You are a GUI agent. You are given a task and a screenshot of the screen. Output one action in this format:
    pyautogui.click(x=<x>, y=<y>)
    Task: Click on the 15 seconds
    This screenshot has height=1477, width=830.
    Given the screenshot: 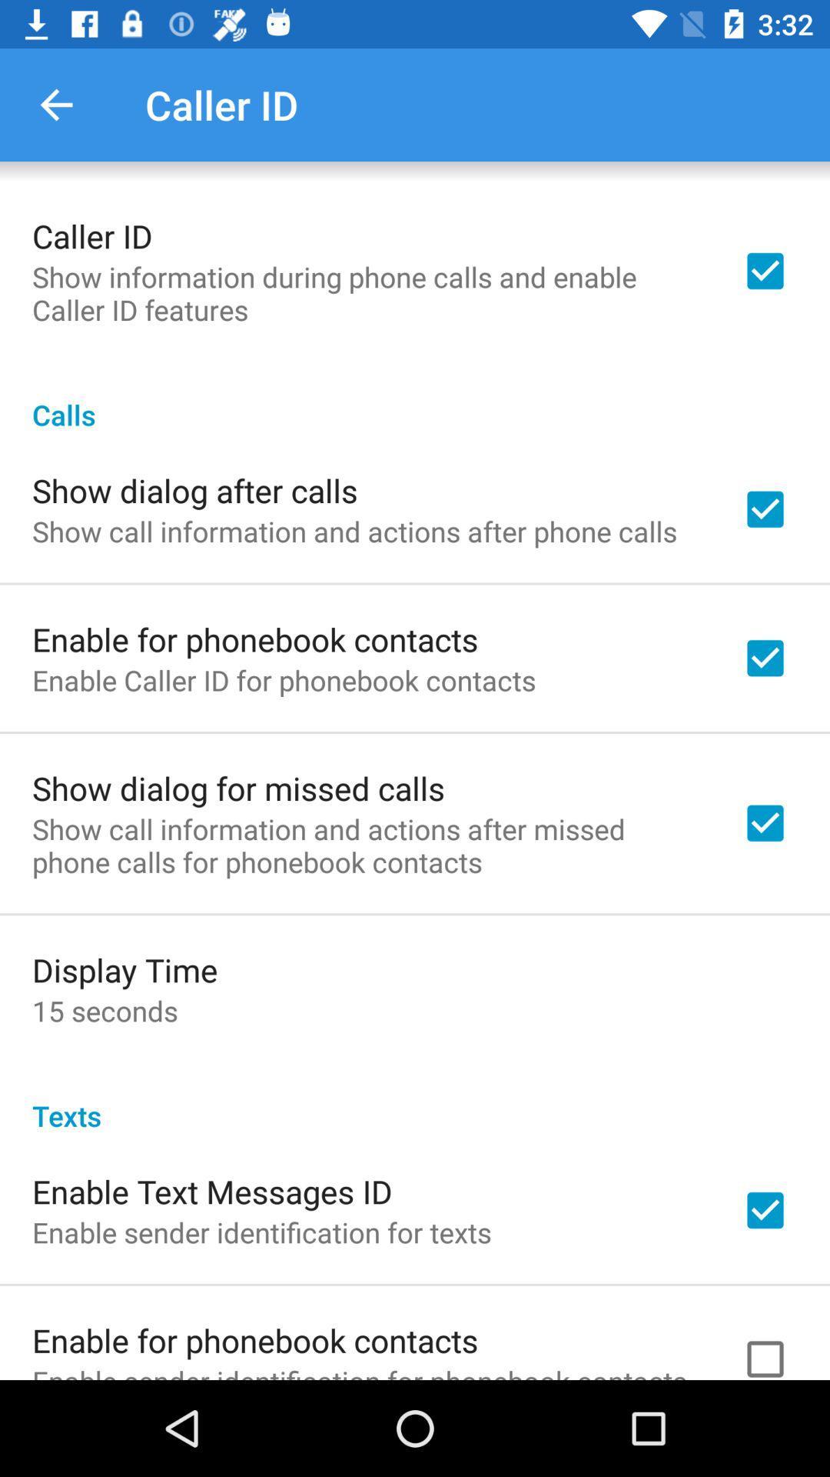 What is the action you would take?
    pyautogui.click(x=104, y=1011)
    